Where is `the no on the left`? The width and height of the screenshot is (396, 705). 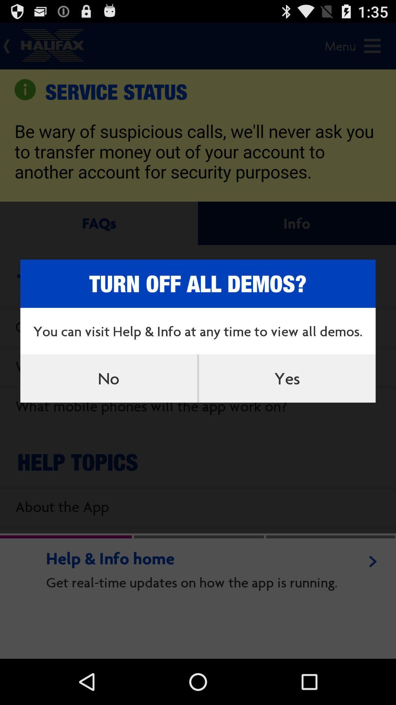
the no on the left is located at coordinates (109, 378).